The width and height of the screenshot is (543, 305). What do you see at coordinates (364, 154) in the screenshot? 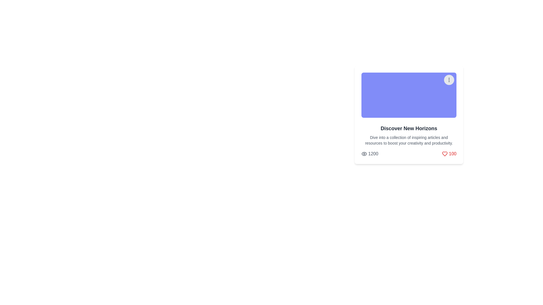
I see `the visibility icon located to the left of the numeric '1200' text in the lower section of the card` at bounding box center [364, 154].